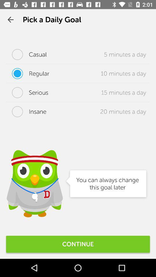 Image resolution: width=156 pixels, height=277 pixels. Describe the element at coordinates (27, 93) in the screenshot. I see `serious` at that location.